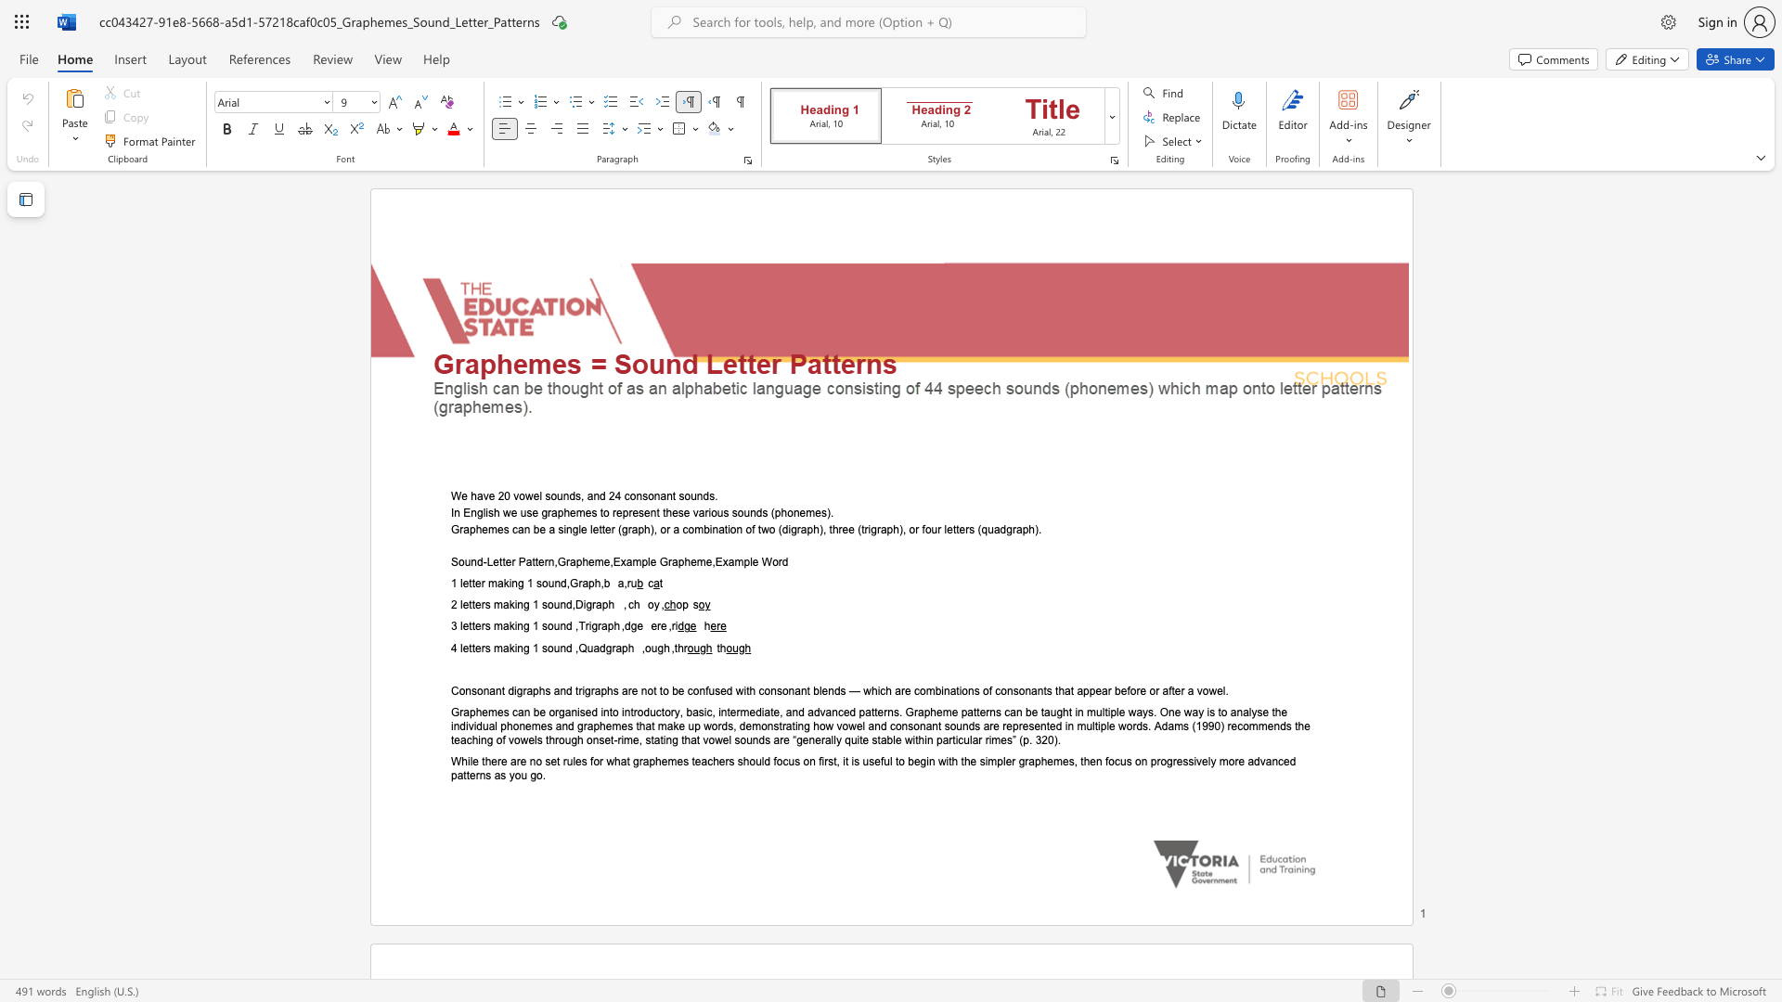  What do you see at coordinates (571, 605) in the screenshot?
I see `the subset text ",Digrap" within the text "2 letters making 1 sound,Digraph      , ch    oy ,"` at bounding box center [571, 605].